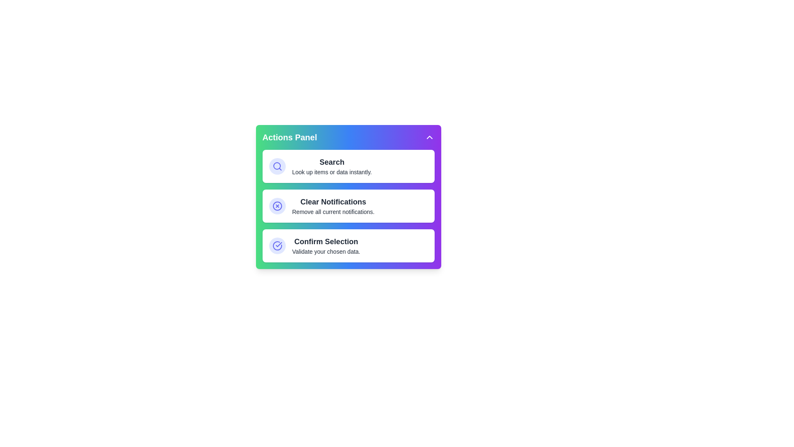 The image size is (794, 447). What do you see at coordinates (348, 205) in the screenshot?
I see `the 'Clear Notifications' action item in the menu` at bounding box center [348, 205].